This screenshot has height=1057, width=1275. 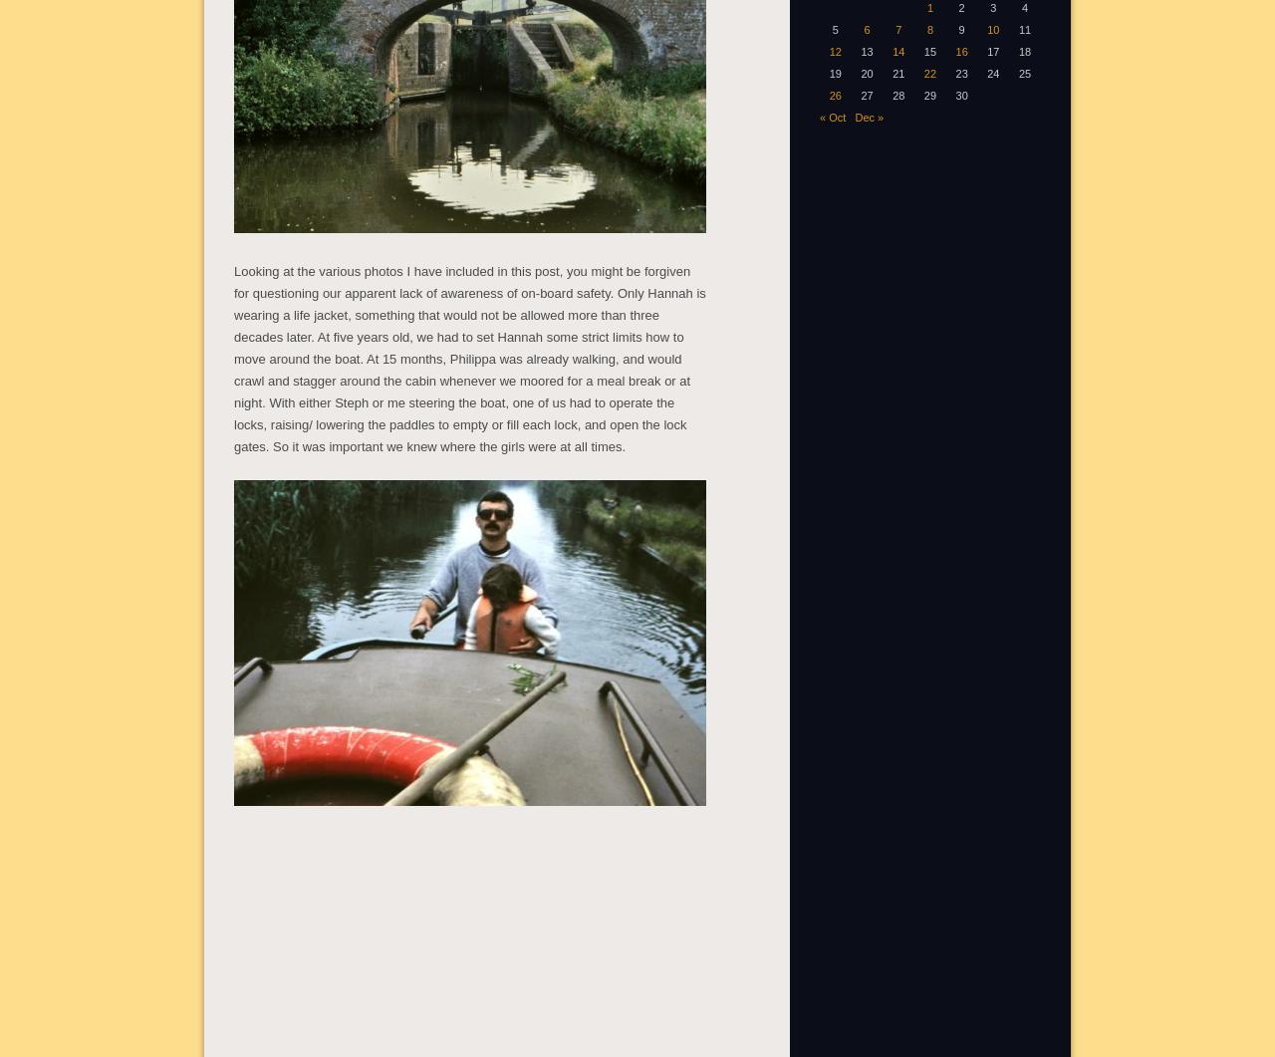 What do you see at coordinates (953, 72) in the screenshot?
I see `'23'` at bounding box center [953, 72].